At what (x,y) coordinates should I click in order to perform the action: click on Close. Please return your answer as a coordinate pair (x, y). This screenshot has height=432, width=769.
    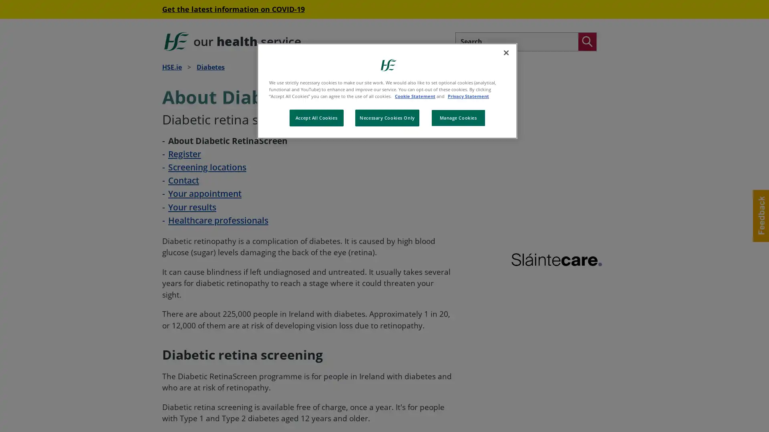
    Looking at the image, I should click on (505, 52).